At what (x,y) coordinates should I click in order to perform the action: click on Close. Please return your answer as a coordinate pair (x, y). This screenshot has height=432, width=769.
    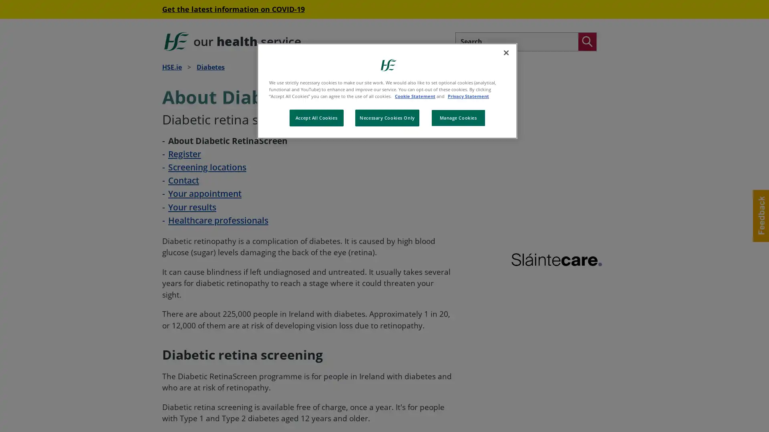
    Looking at the image, I should click on (505, 52).